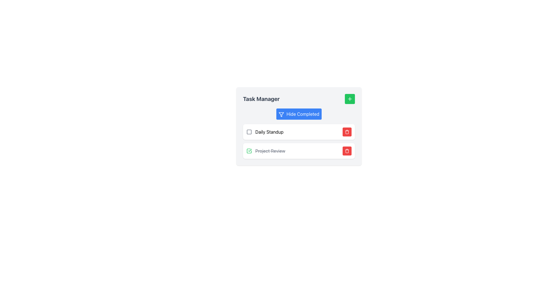 This screenshot has width=537, height=302. Describe the element at coordinates (347, 132) in the screenshot. I see `the central vertical body of the trash can icon located to the right of the 'Project Review' item` at that location.